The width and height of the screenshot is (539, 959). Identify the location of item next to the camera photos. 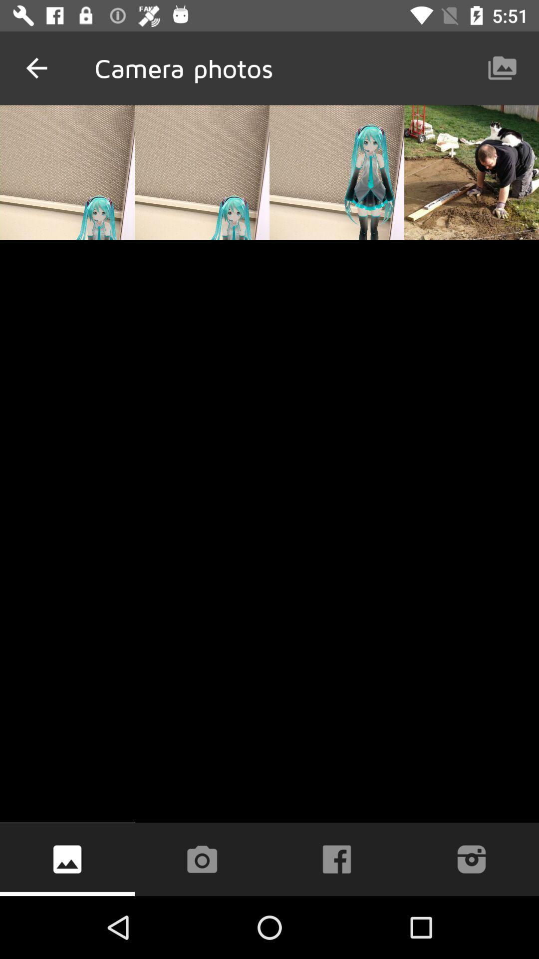
(36, 67).